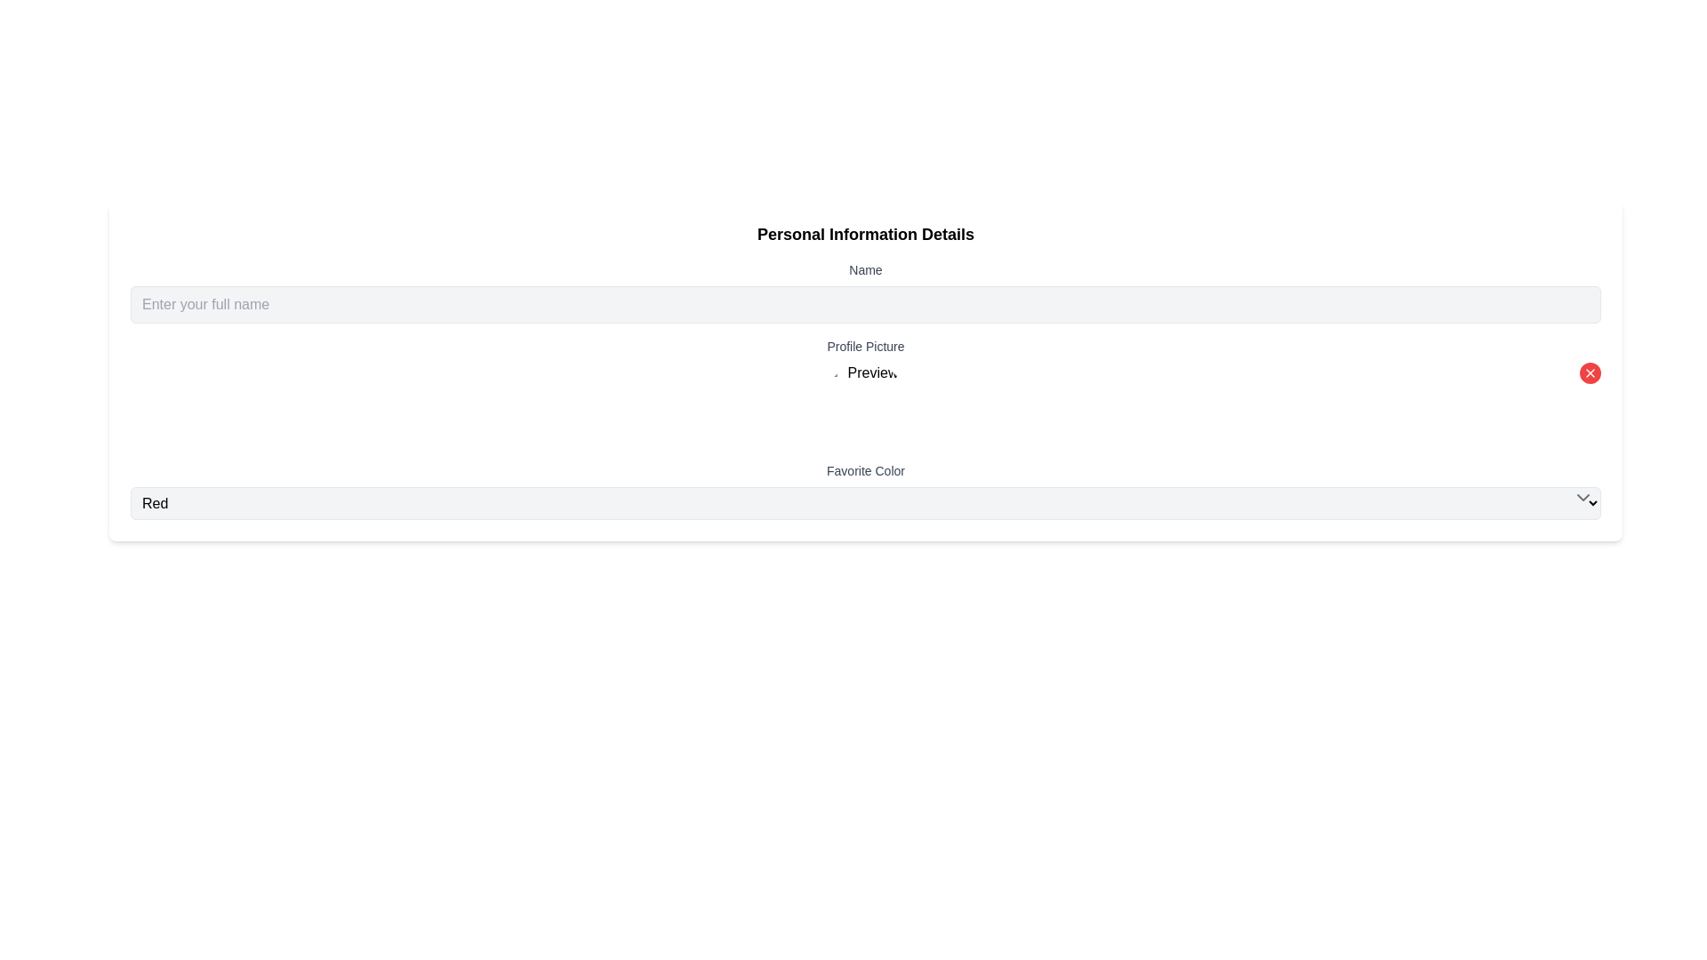 This screenshot has height=960, width=1707. Describe the element at coordinates (1591, 372) in the screenshot. I see `the close icon located in the top-right section of the 'Profile Picture' input field` at that location.